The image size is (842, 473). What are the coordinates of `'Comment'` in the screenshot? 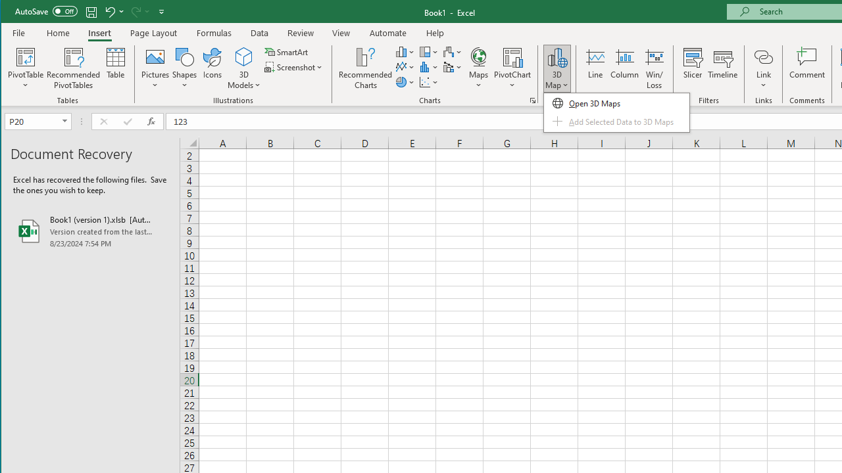 It's located at (806, 68).